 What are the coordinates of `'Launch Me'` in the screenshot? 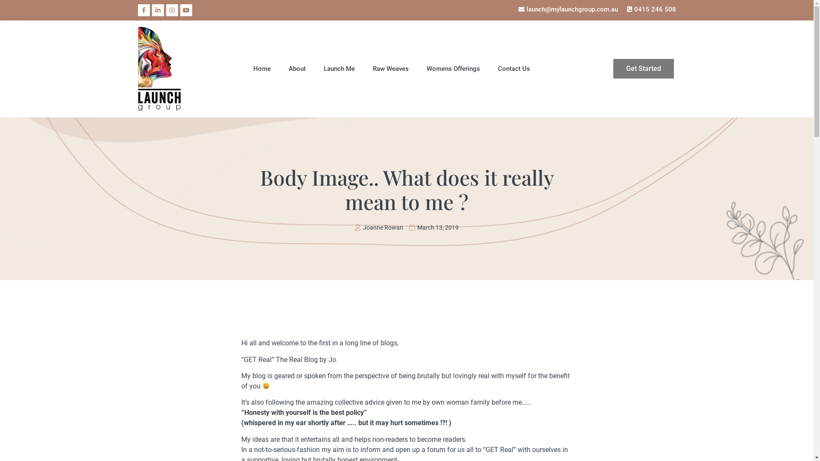 It's located at (339, 68).